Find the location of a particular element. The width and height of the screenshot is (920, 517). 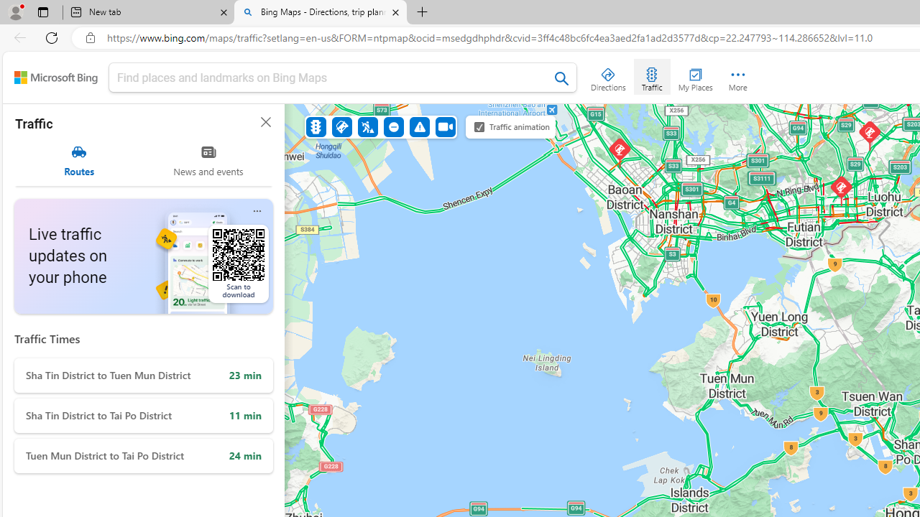

'Routes' is located at coordinates (78, 160).